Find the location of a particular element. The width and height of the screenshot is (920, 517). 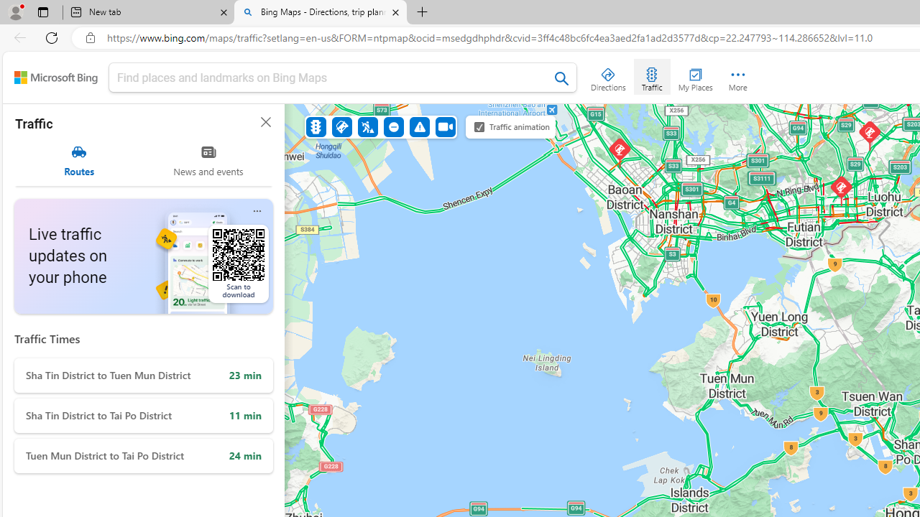

'Routes' is located at coordinates (78, 160).